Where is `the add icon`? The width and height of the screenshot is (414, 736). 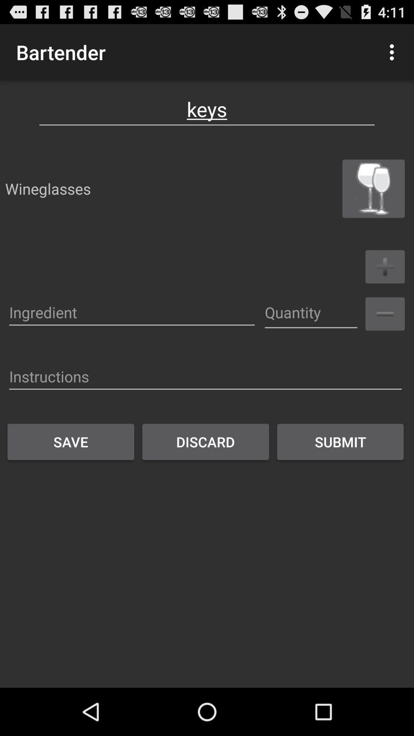
the add icon is located at coordinates (385, 285).